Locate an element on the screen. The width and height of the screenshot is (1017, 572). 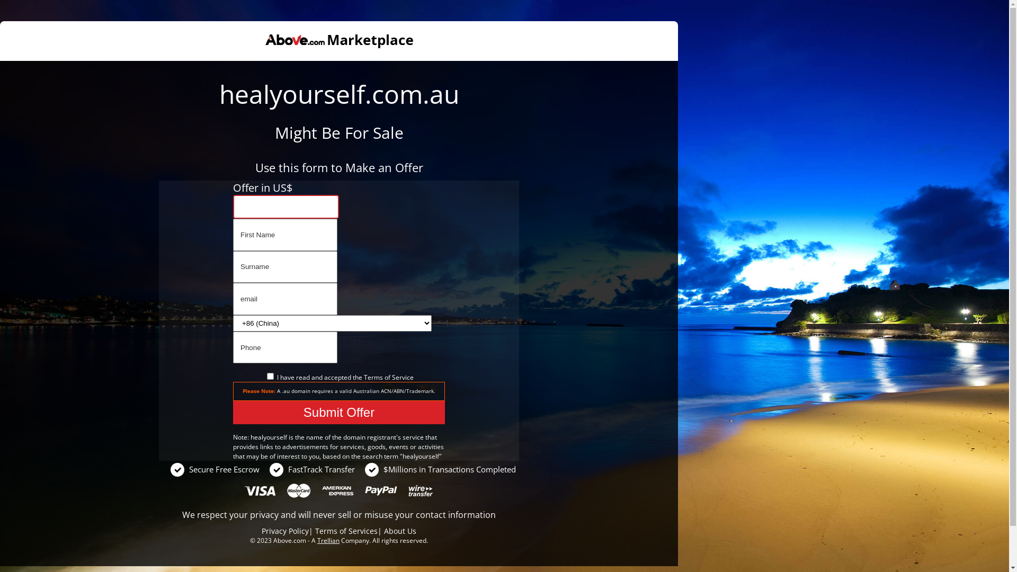
'Terms' is located at coordinates (373, 377).